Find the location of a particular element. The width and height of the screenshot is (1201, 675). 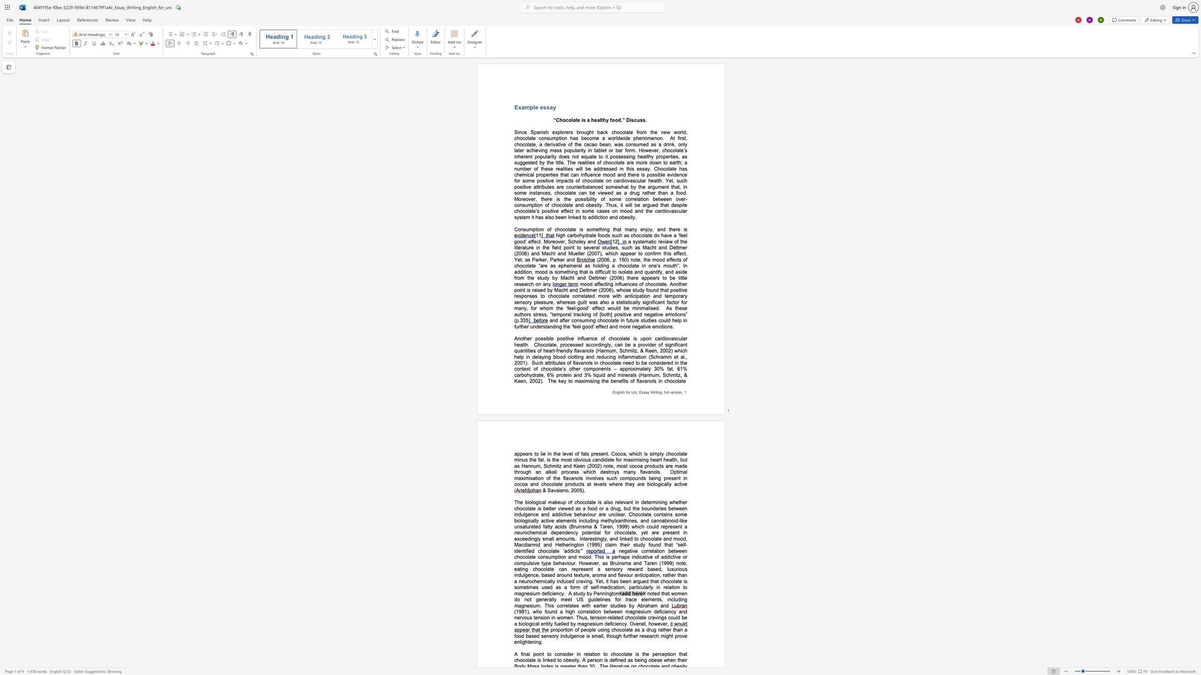

the subset text "ngto" within the text "A study by Pennington" is located at coordinates (606, 593).